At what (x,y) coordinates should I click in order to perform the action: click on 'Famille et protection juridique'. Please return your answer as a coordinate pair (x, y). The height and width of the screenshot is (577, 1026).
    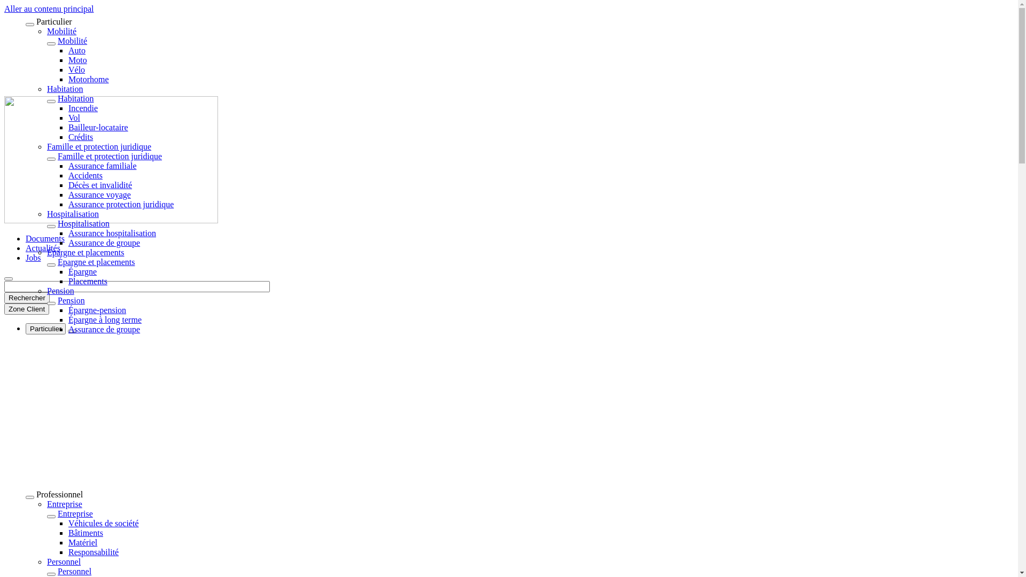
    Looking at the image, I should click on (110, 156).